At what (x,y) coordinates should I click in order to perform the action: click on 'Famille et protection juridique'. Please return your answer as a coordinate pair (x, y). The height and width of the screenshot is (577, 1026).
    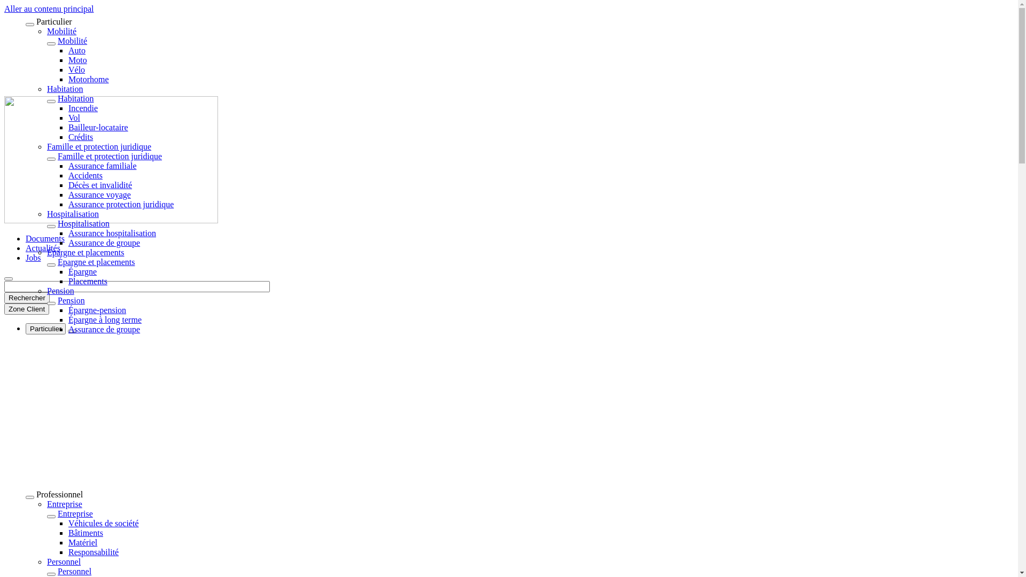
    Looking at the image, I should click on (110, 156).